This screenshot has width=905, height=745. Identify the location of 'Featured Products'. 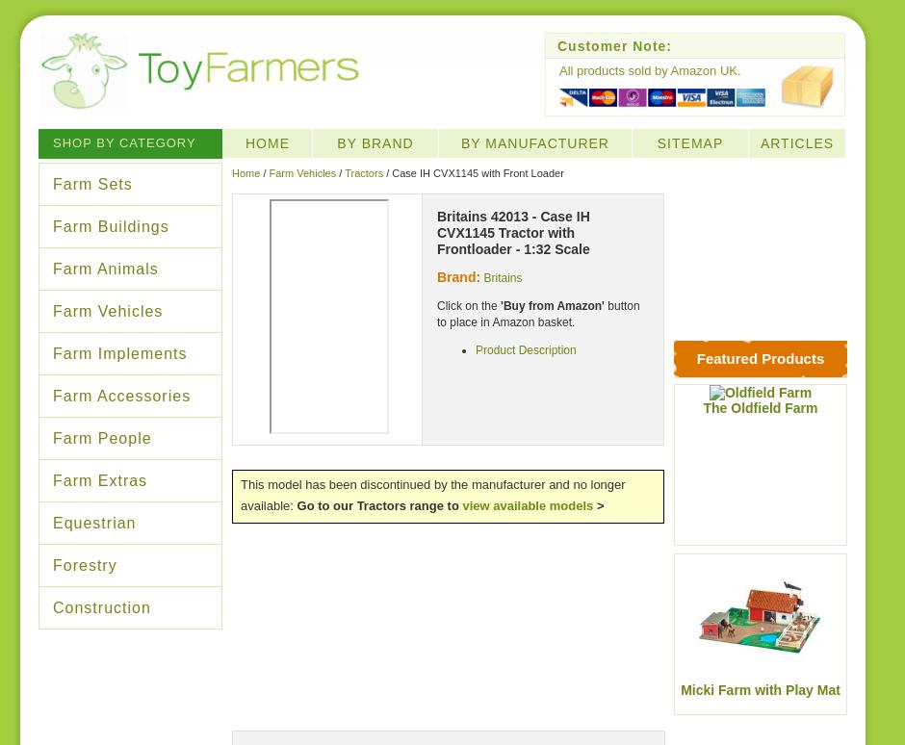
(760, 357).